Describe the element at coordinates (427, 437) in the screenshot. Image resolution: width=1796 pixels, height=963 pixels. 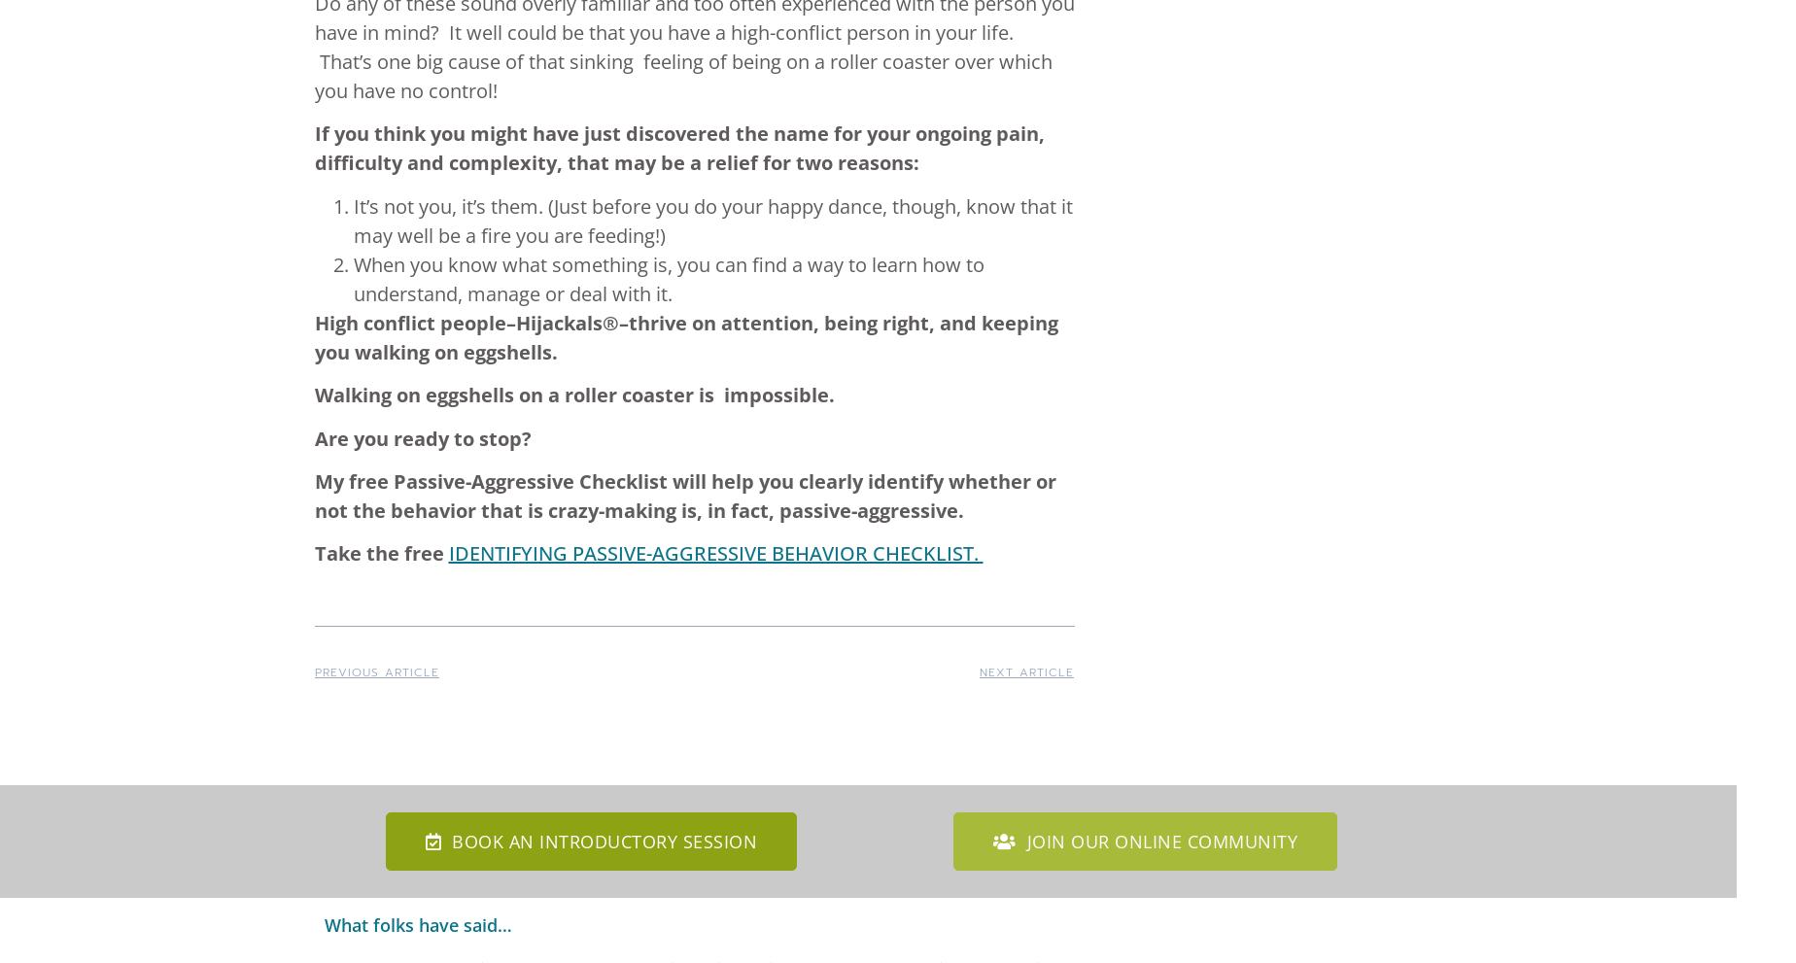
I see `'Are you ready to stop?'` at that location.